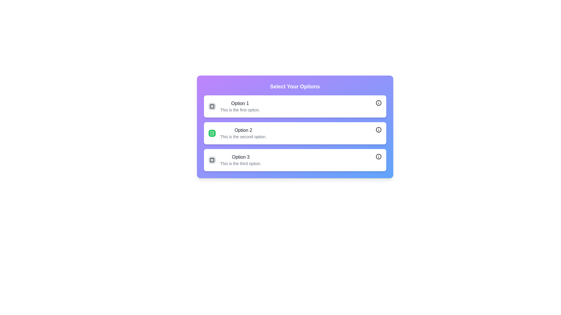 The height and width of the screenshot is (315, 561). I want to click on the Text Block that presents textual information about the second option in a vertically stacked list, located between 'Option 1' and 'Option 3', so click(243, 133).